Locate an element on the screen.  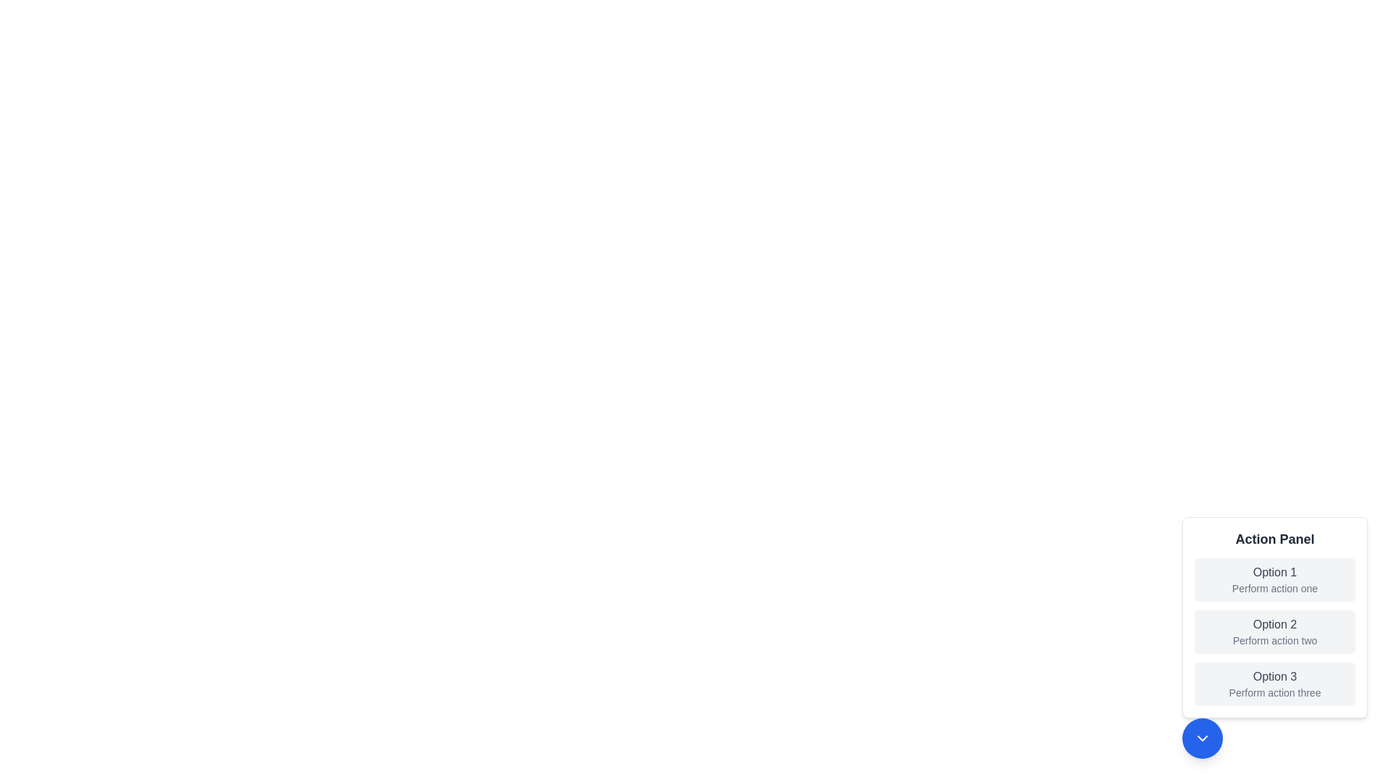
the circular blue button with a downward-facing arrow icon located at the bottom-right corner of the interface is located at coordinates (1203, 738).